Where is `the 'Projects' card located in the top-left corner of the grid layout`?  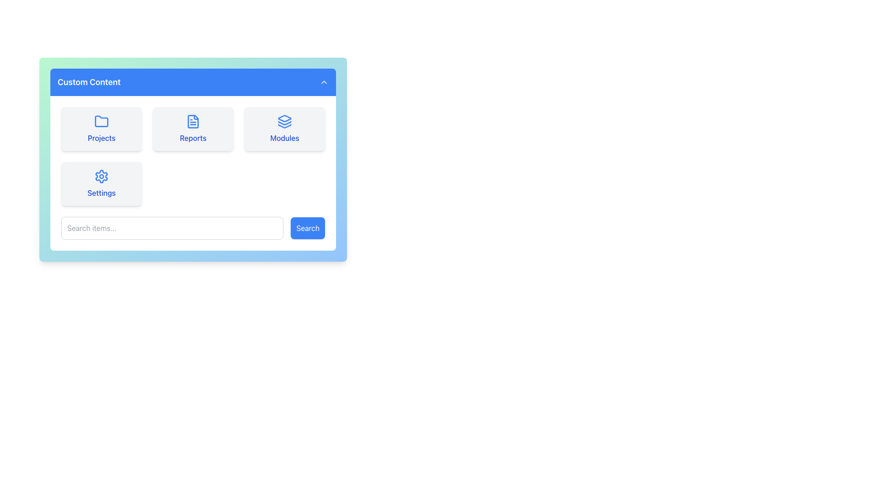
the 'Projects' card located in the top-left corner of the grid layout is located at coordinates (101, 129).